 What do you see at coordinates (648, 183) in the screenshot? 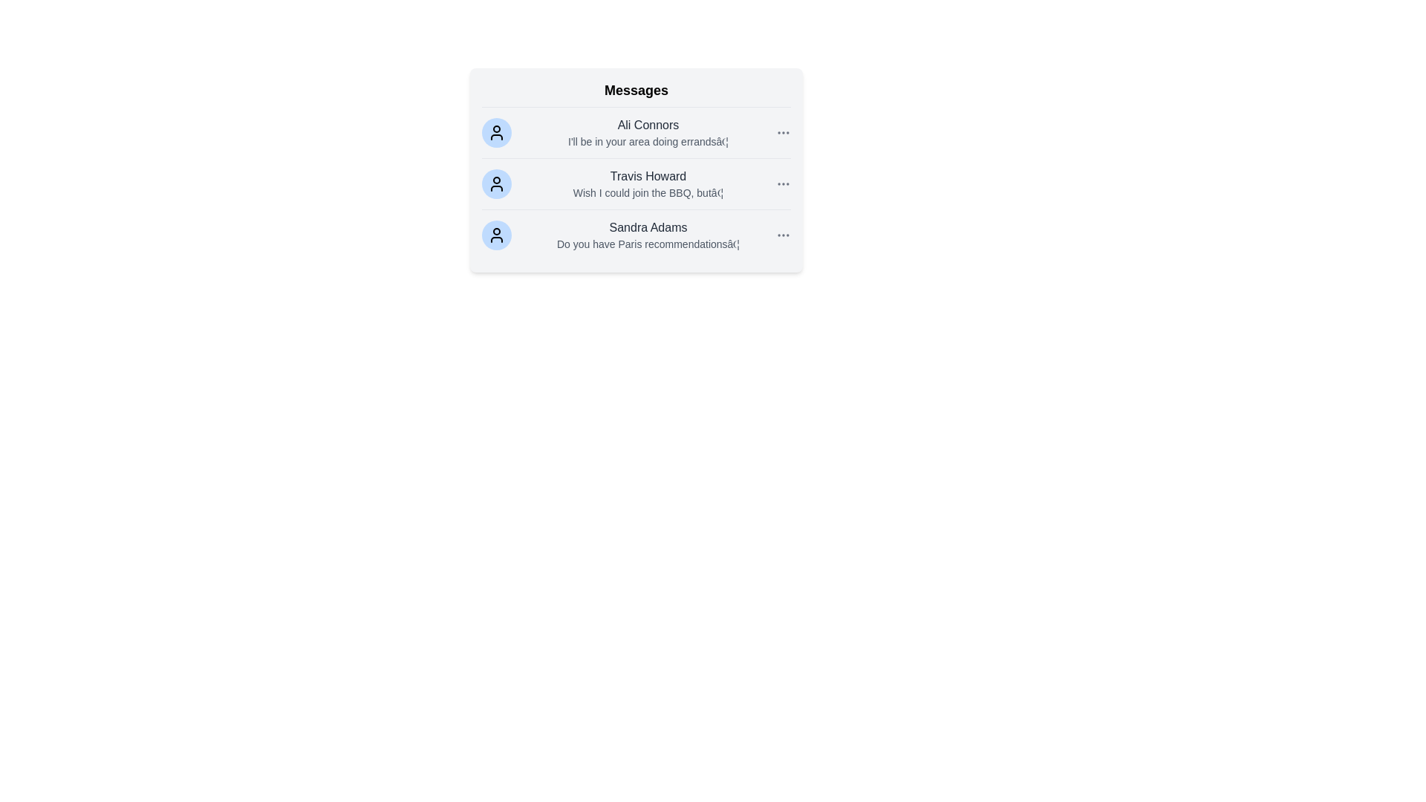
I see `the Message Preview displaying the sender's name and message preview, located between messages from 'Ali Connors' and 'Sandra Adams'` at bounding box center [648, 183].